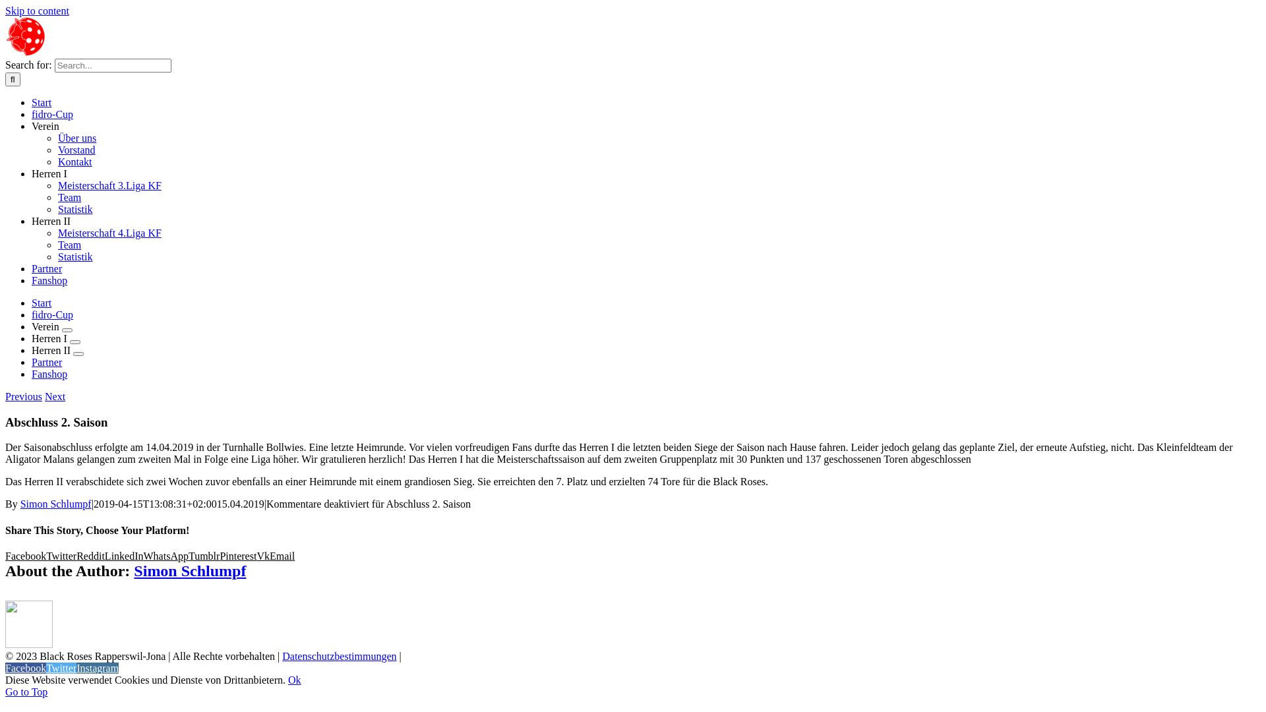 The height and width of the screenshot is (712, 1266). Describe the element at coordinates (189, 570) in the screenshot. I see `'Simon Schlumpf'` at that location.